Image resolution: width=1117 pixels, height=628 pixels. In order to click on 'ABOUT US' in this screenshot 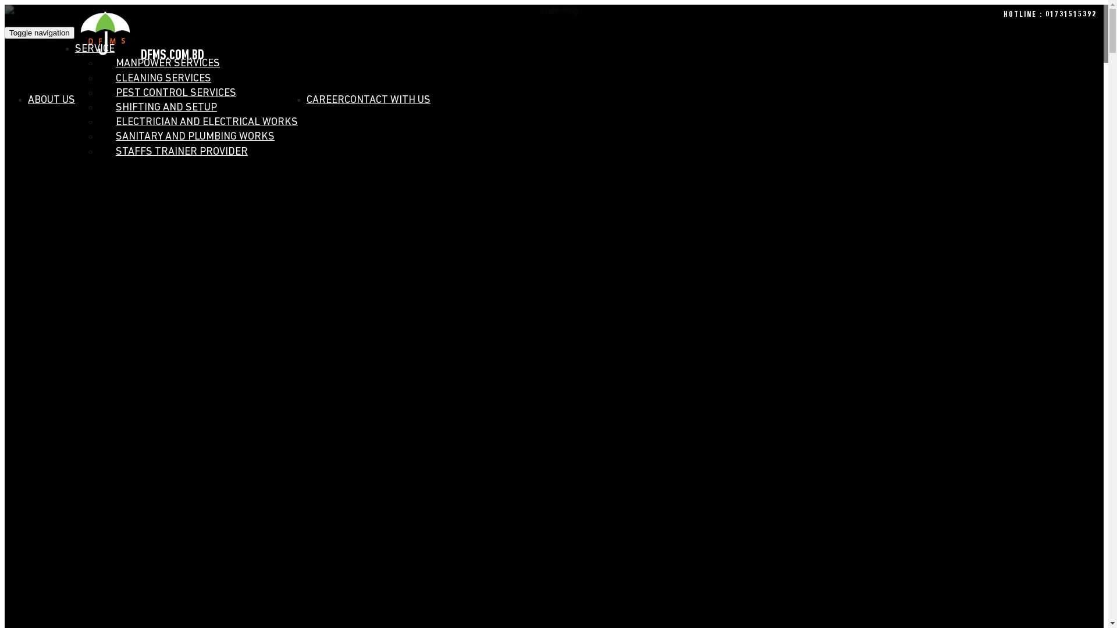, I will do `click(51, 110)`.